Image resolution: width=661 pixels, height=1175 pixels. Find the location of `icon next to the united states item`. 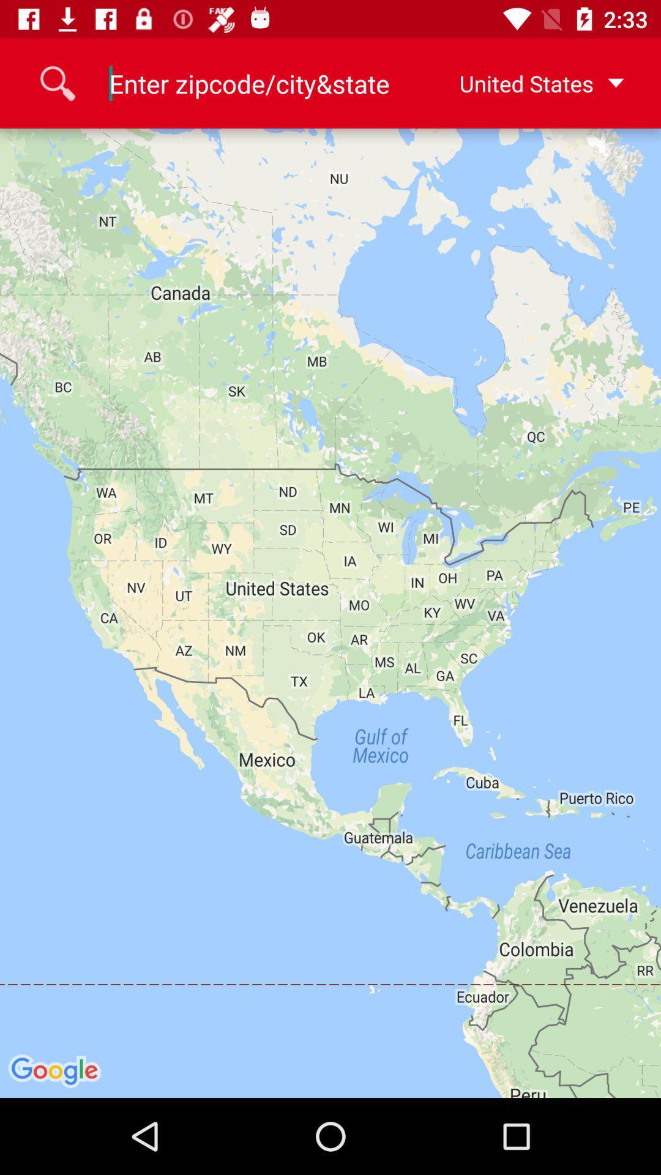

icon next to the united states item is located at coordinates (249, 83).